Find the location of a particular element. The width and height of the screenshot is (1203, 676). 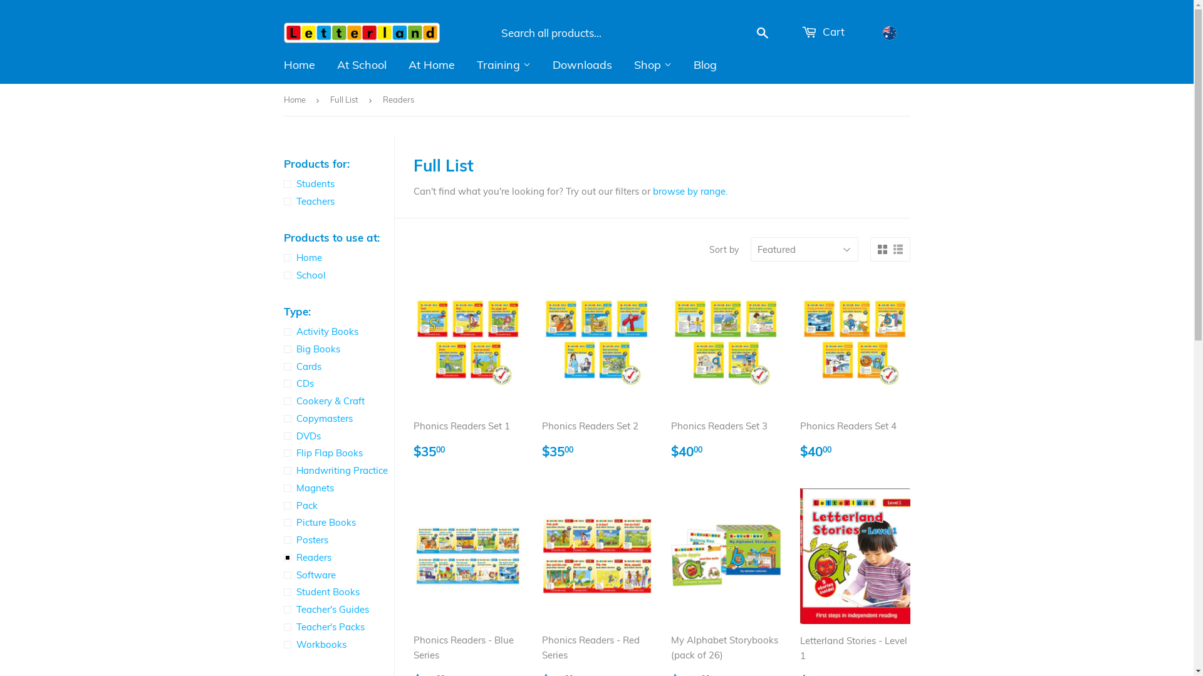

'Pack' is located at coordinates (282, 504).